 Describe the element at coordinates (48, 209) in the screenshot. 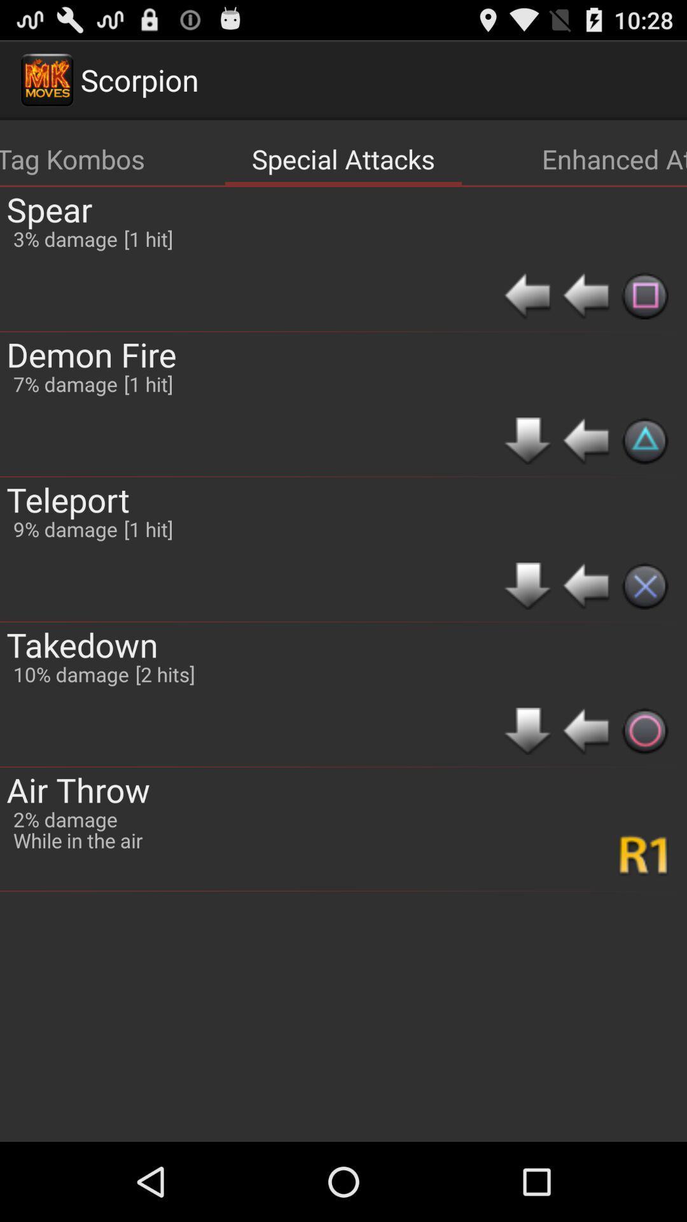

I see `the app above the demon fire` at that location.